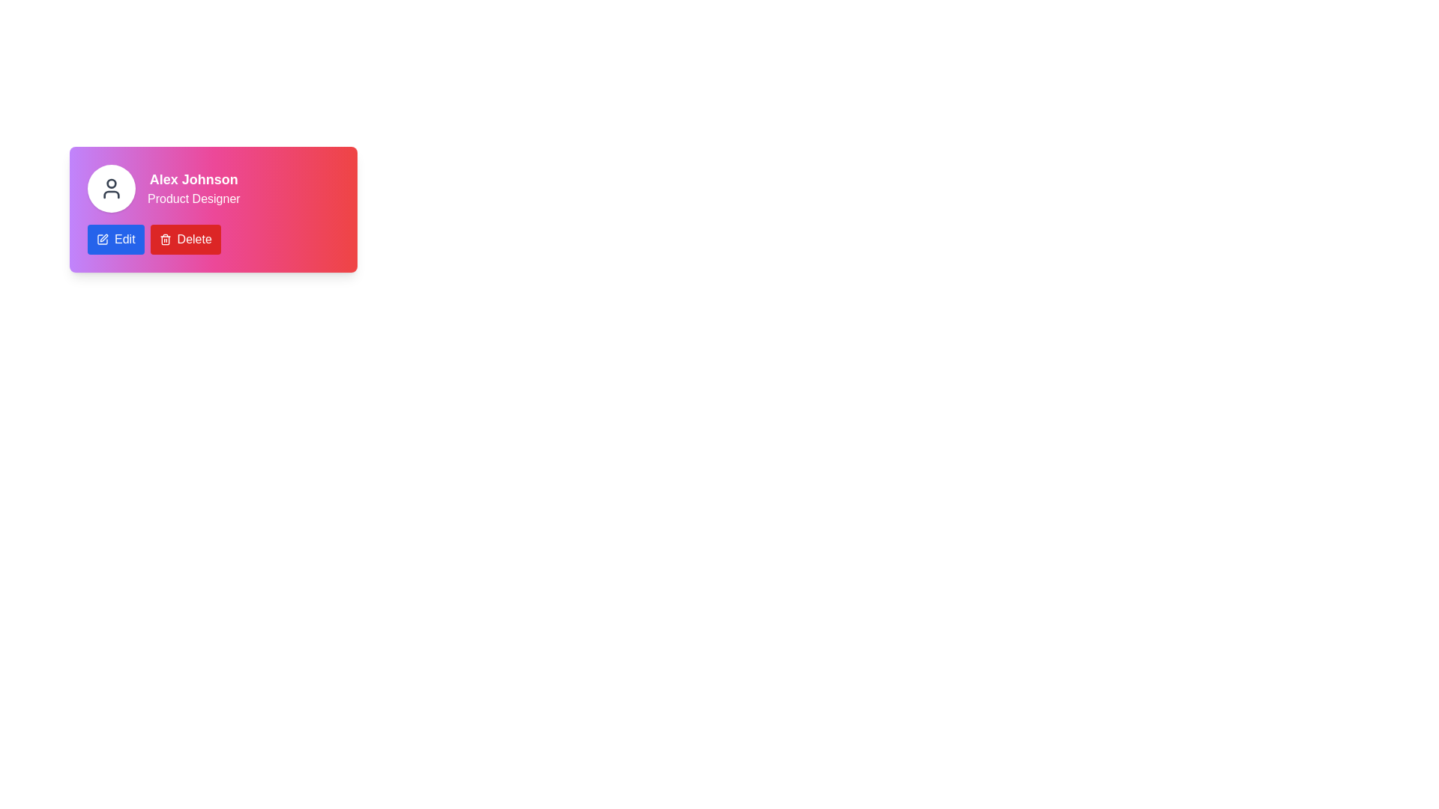 The height and width of the screenshot is (809, 1439). Describe the element at coordinates (193, 239) in the screenshot. I see `the text 'Delete' which is styled in a sans-serif font and presented in white color against a red background, located in the bottom right portion of the card interface` at that location.